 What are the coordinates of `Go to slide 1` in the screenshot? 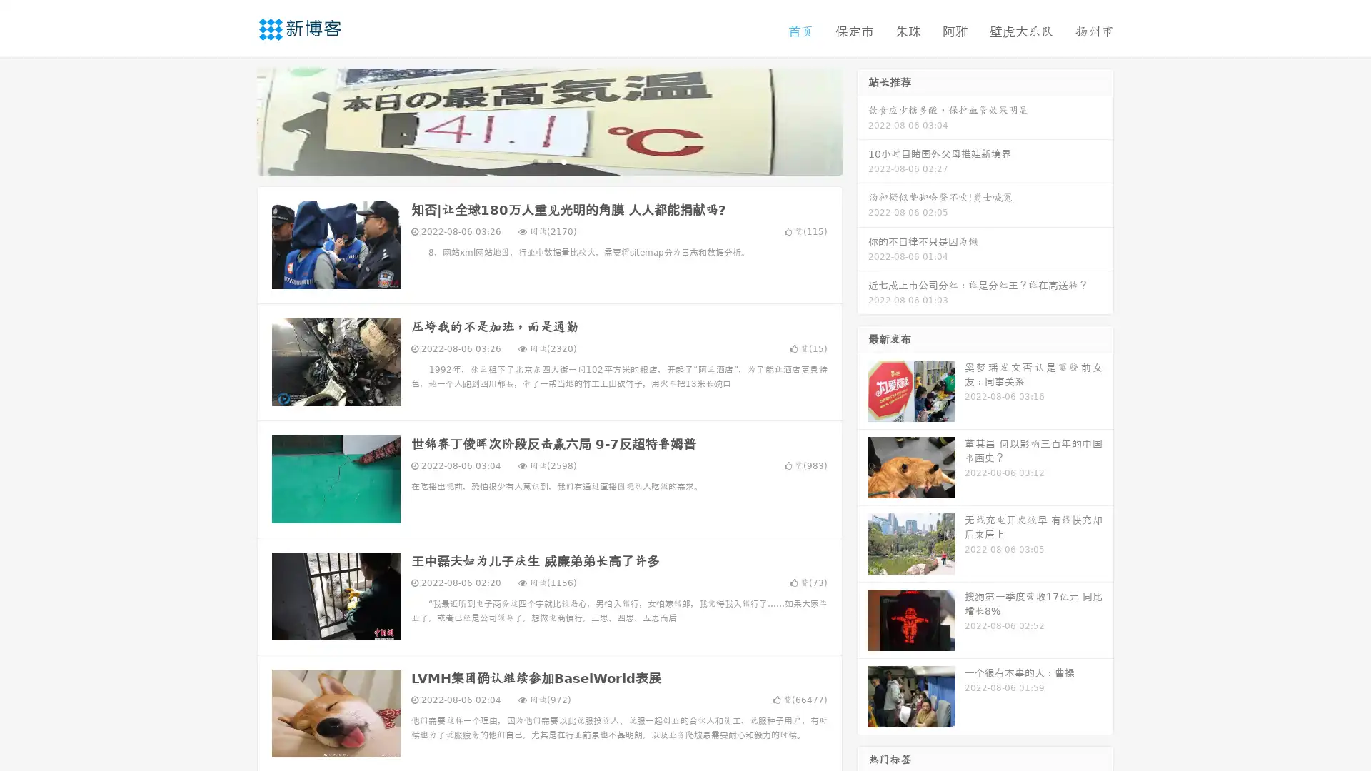 It's located at (534, 161).